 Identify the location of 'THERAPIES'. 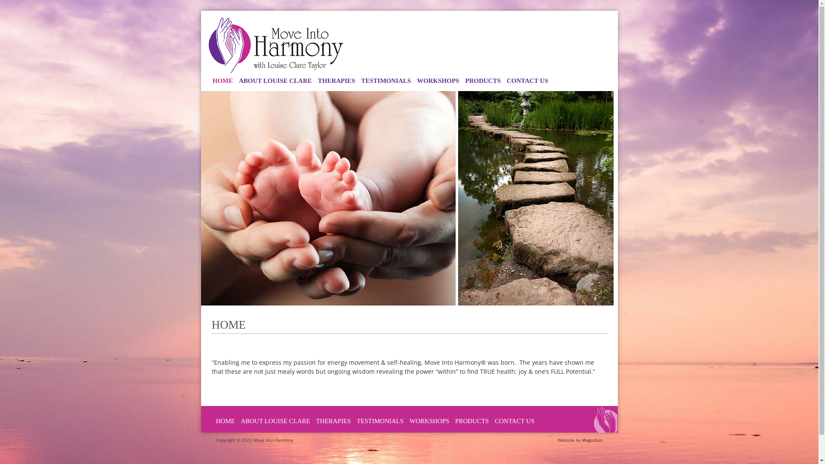
(333, 420).